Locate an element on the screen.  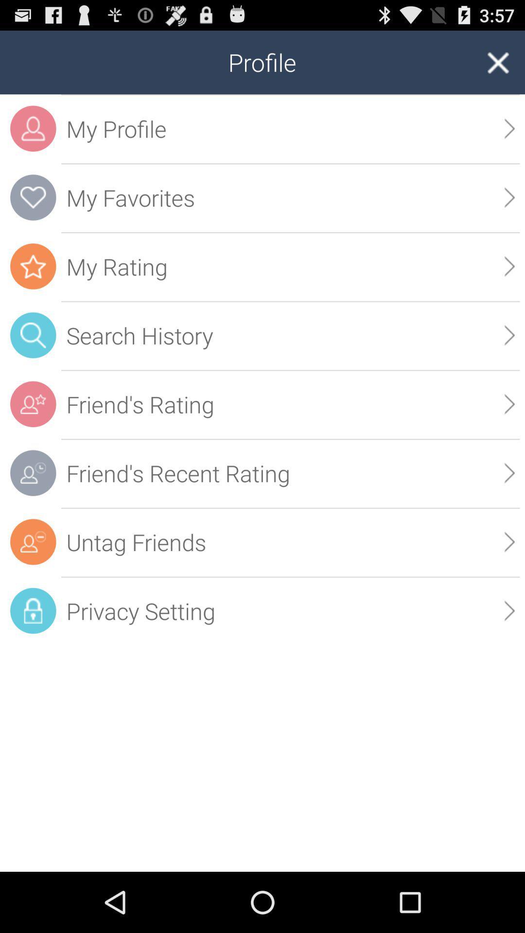
the item above my favorites is located at coordinates (509, 128).